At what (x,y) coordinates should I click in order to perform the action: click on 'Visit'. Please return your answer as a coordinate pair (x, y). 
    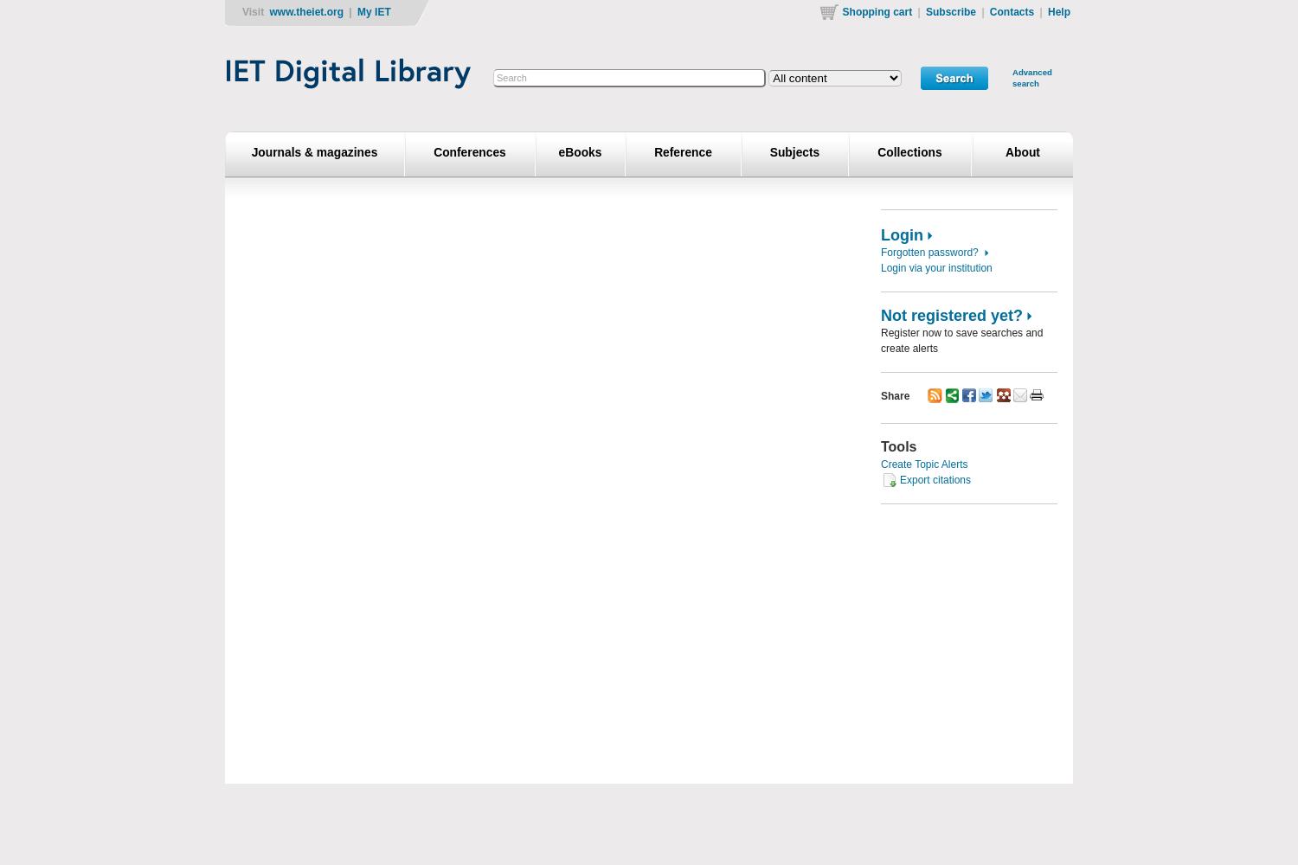
    Looking at the image, I should click on (253, 12).